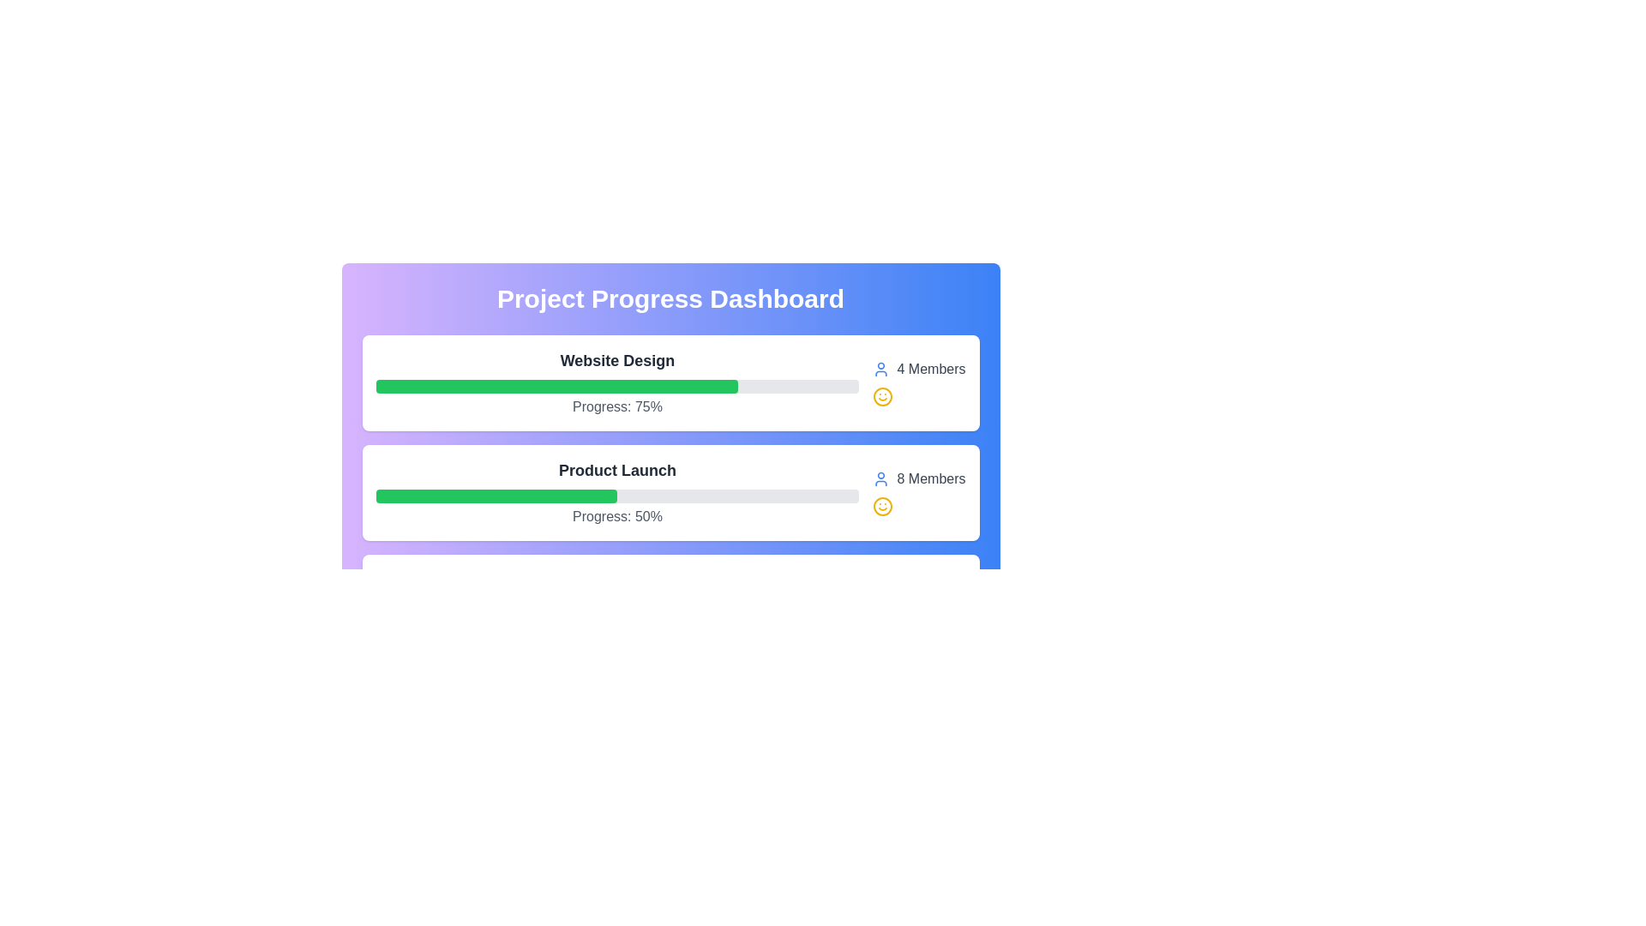  Describe the element at coordinates (670, 492) in the screenshot. I see `progress details from the Information card labeled 'Product Launch', which is the second element in a vertical list of project progress sections within the 'Project Progress Dashboard'` at that location.